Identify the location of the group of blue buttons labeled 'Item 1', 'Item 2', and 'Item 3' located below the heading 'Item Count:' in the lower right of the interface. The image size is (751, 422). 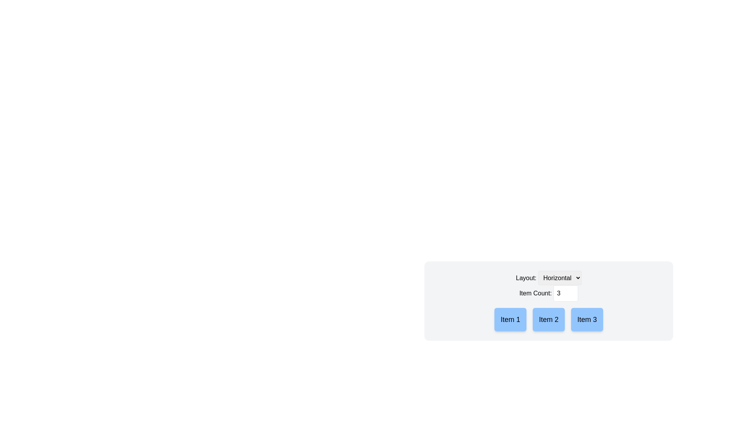
(548, 319).